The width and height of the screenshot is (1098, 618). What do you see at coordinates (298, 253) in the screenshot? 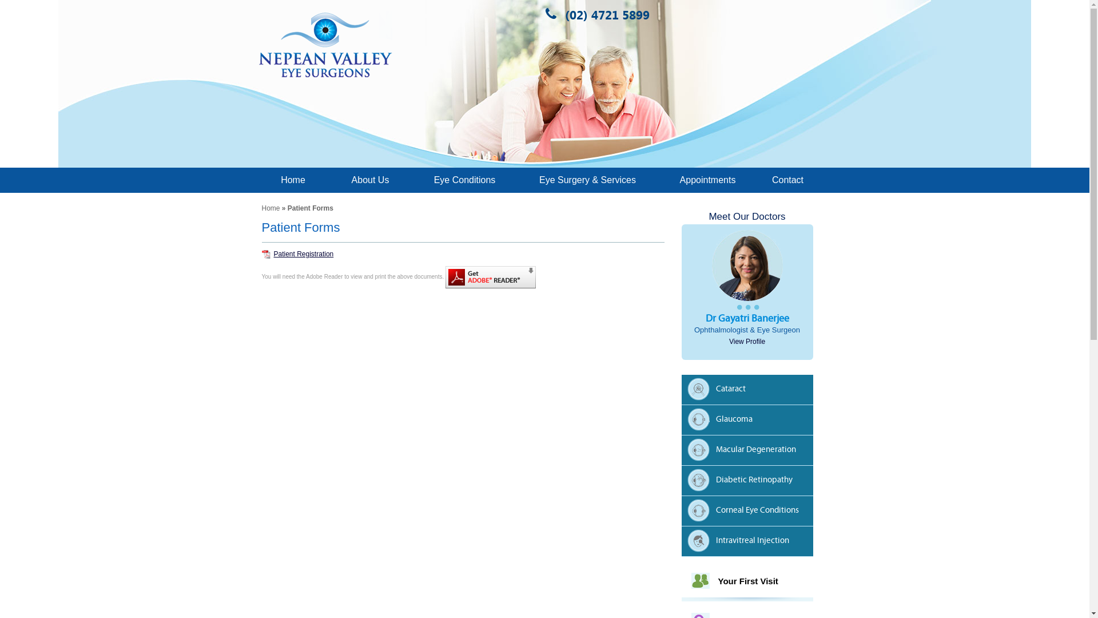
I see `'Patient Registration'` at bounding box center [298, 253].